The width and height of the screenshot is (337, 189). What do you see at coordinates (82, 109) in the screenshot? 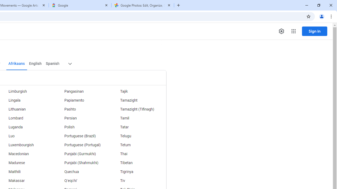
I see `'Pashto'` at bounding box center [82, 109].